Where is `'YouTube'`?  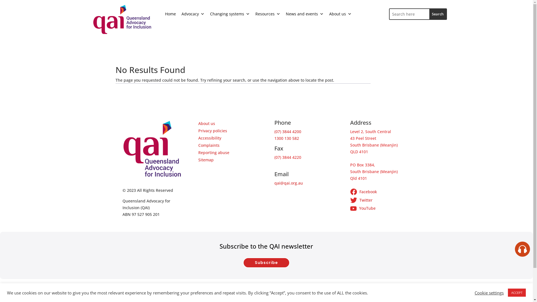 'YouTube' is located at coordinates (380, 208).